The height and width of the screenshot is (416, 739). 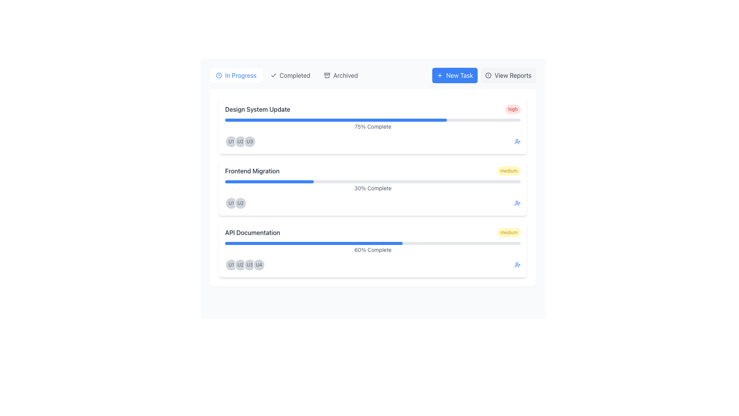 What do you see at coordinates (294, 75) in the screenshot?
I see `the 'Completed' text label located in the upper navigation bar` at bounding box center [294, 75].